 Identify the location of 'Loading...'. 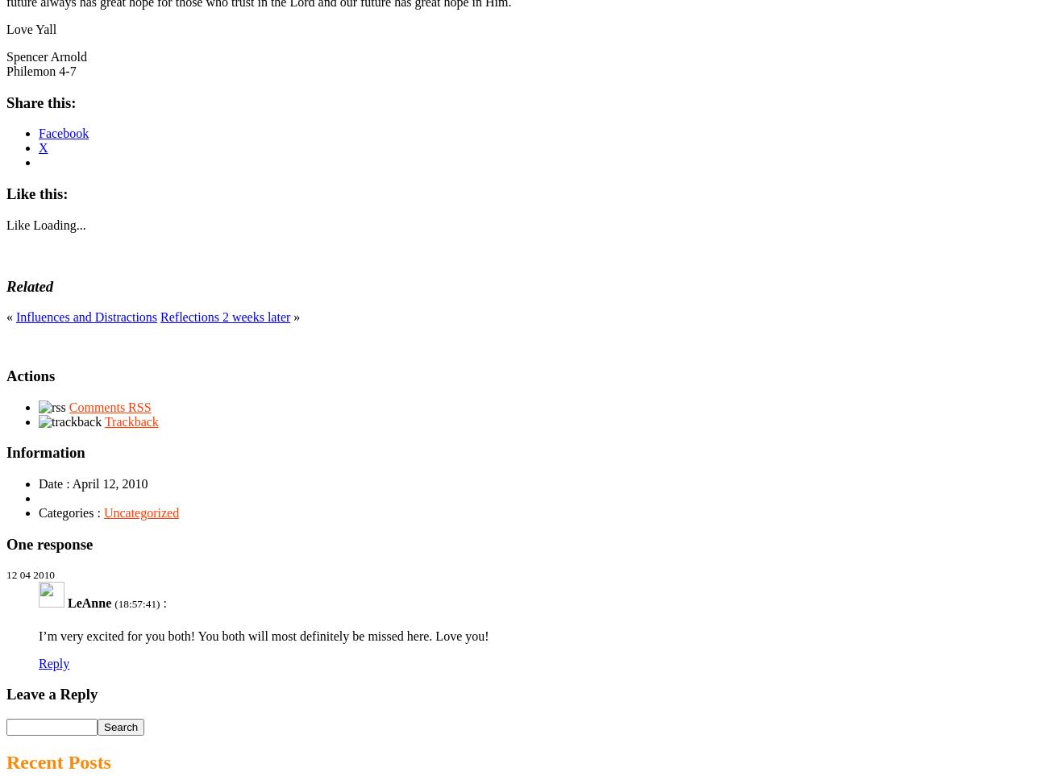
(59, 224).